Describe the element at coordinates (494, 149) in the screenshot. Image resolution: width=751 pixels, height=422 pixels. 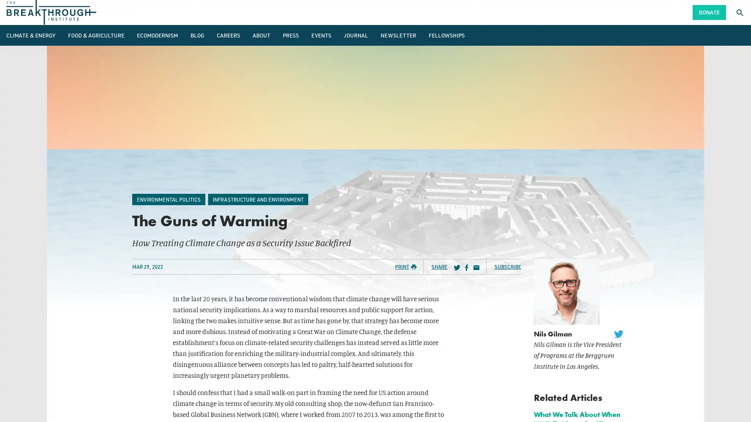
I see `Close modal` at that location.